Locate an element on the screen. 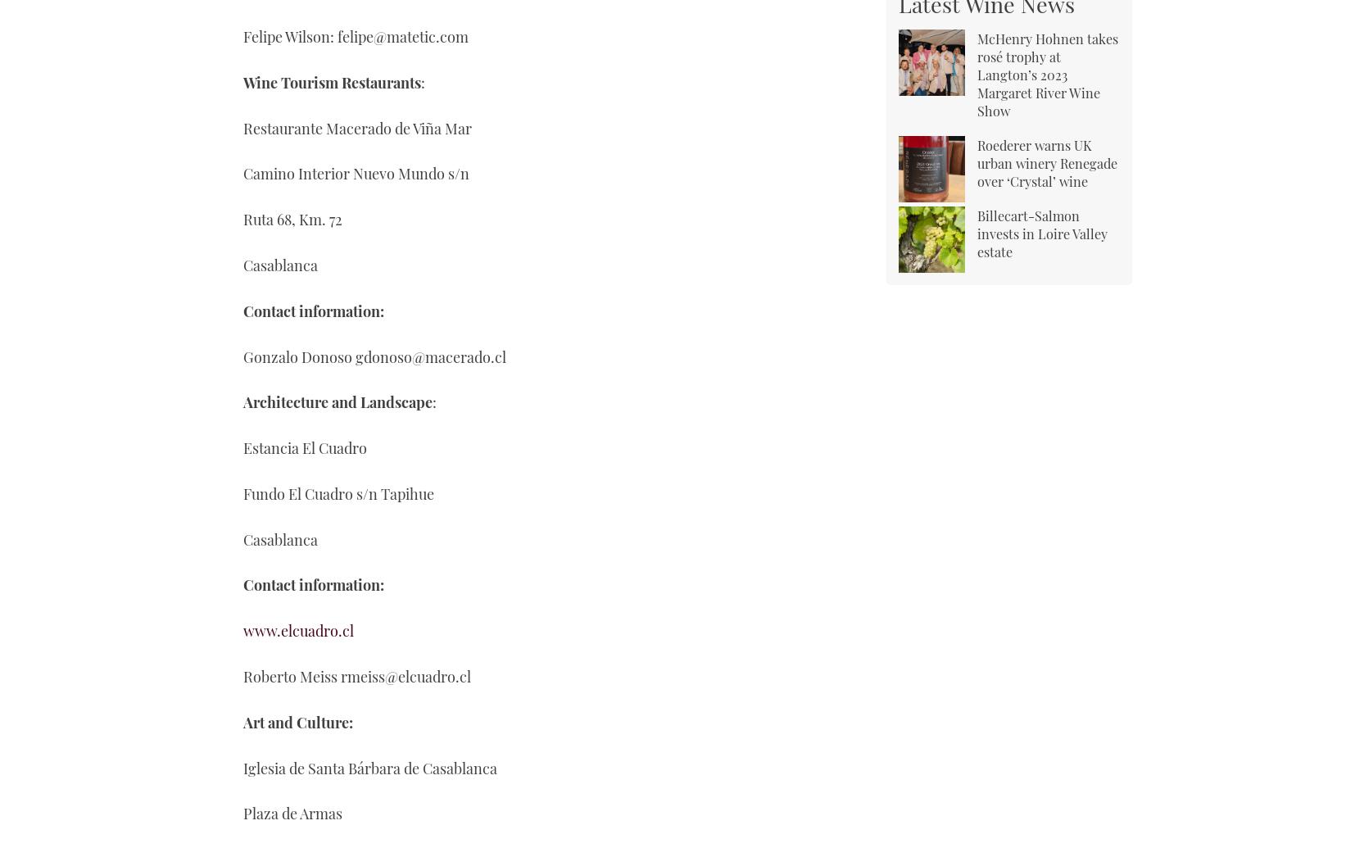 This screenshot has height=848, width=1355. 'Architecture and Landscape' is located at coordinates (337, 402).